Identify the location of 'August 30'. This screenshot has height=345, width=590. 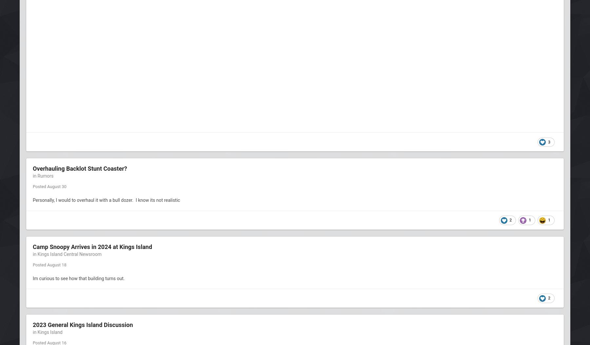
(56, 186).